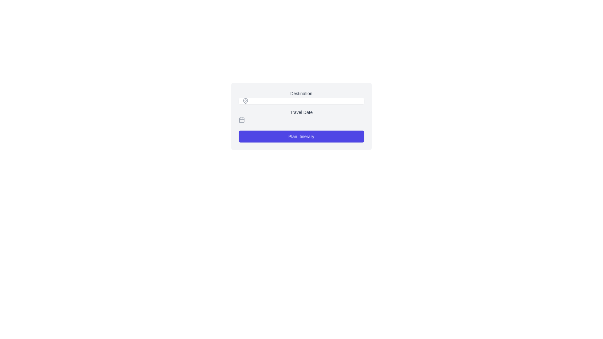 The image size is (603, 339). What do you see at coordinates (301, 112) in the screenshot?
I see `the 'Travel Date' text label, which is styled in medium gray font and positioned above the travel date input field` at bounding box center [301, 112].